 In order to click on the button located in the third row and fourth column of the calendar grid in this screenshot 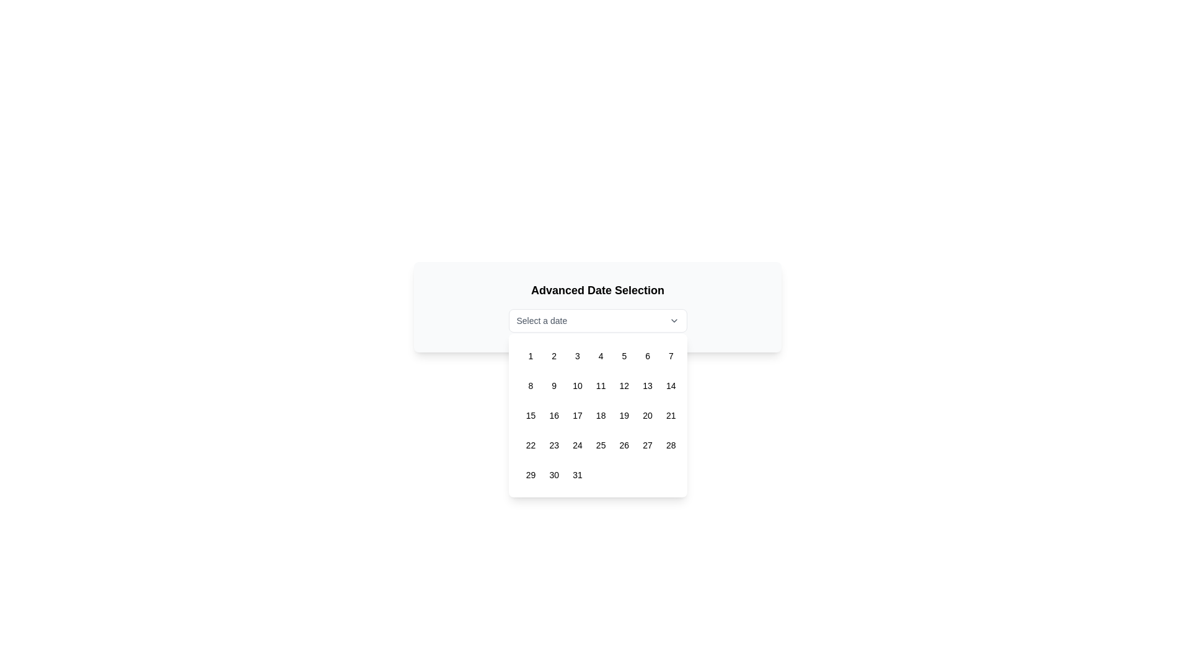, I will do `click(601, 416)`.